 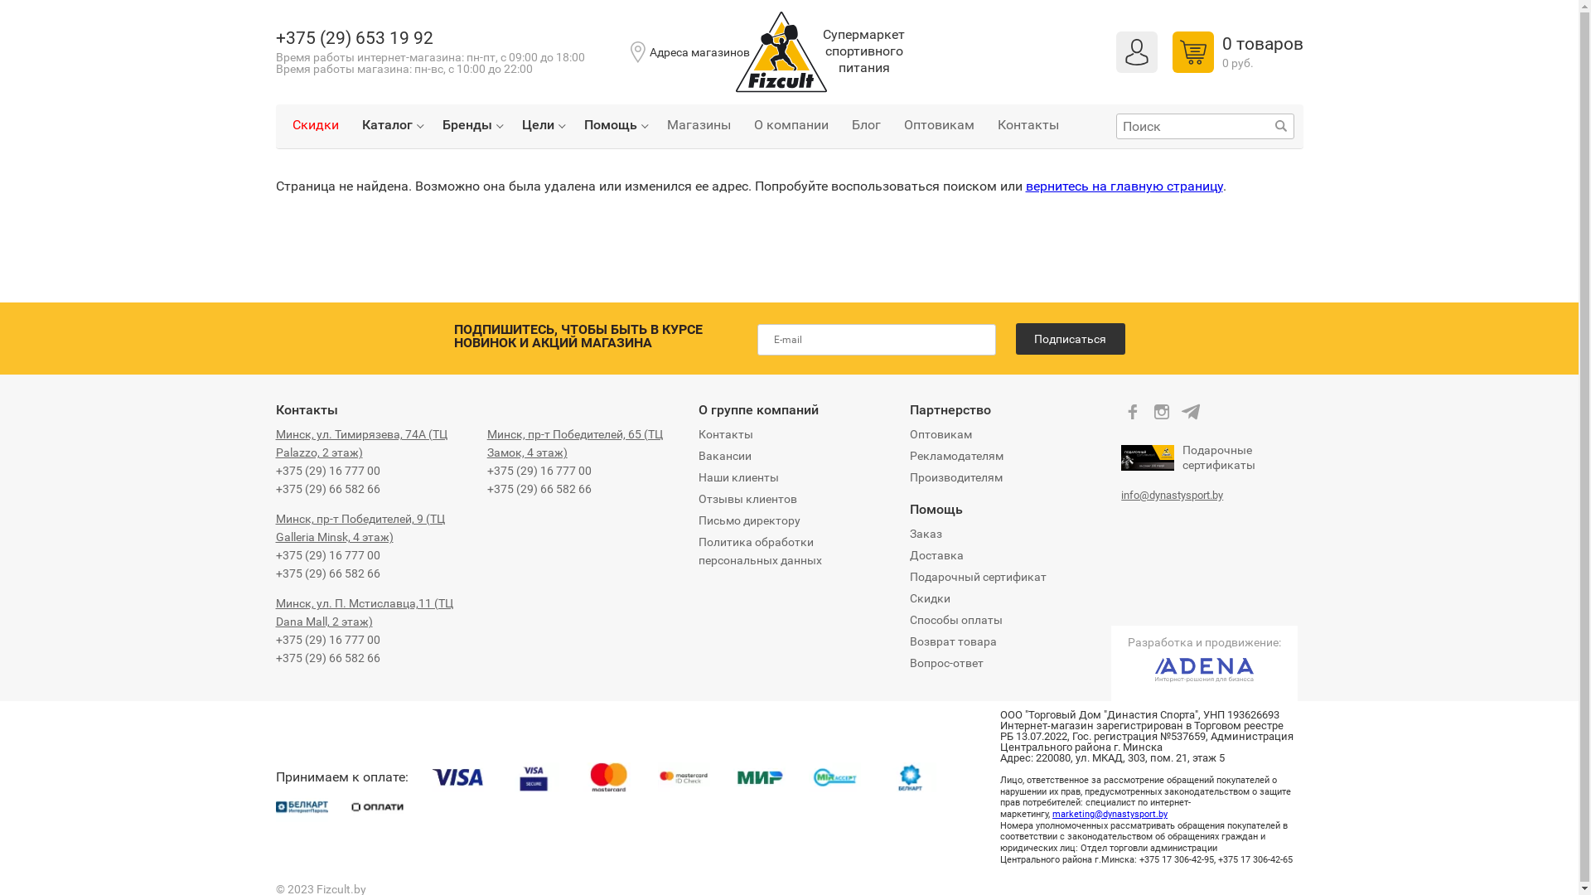 What do you see at coordinates (274, 37) in the screenshot?
I see `'+375 (29) 653 19 92'` at bounding box center [274, 37].